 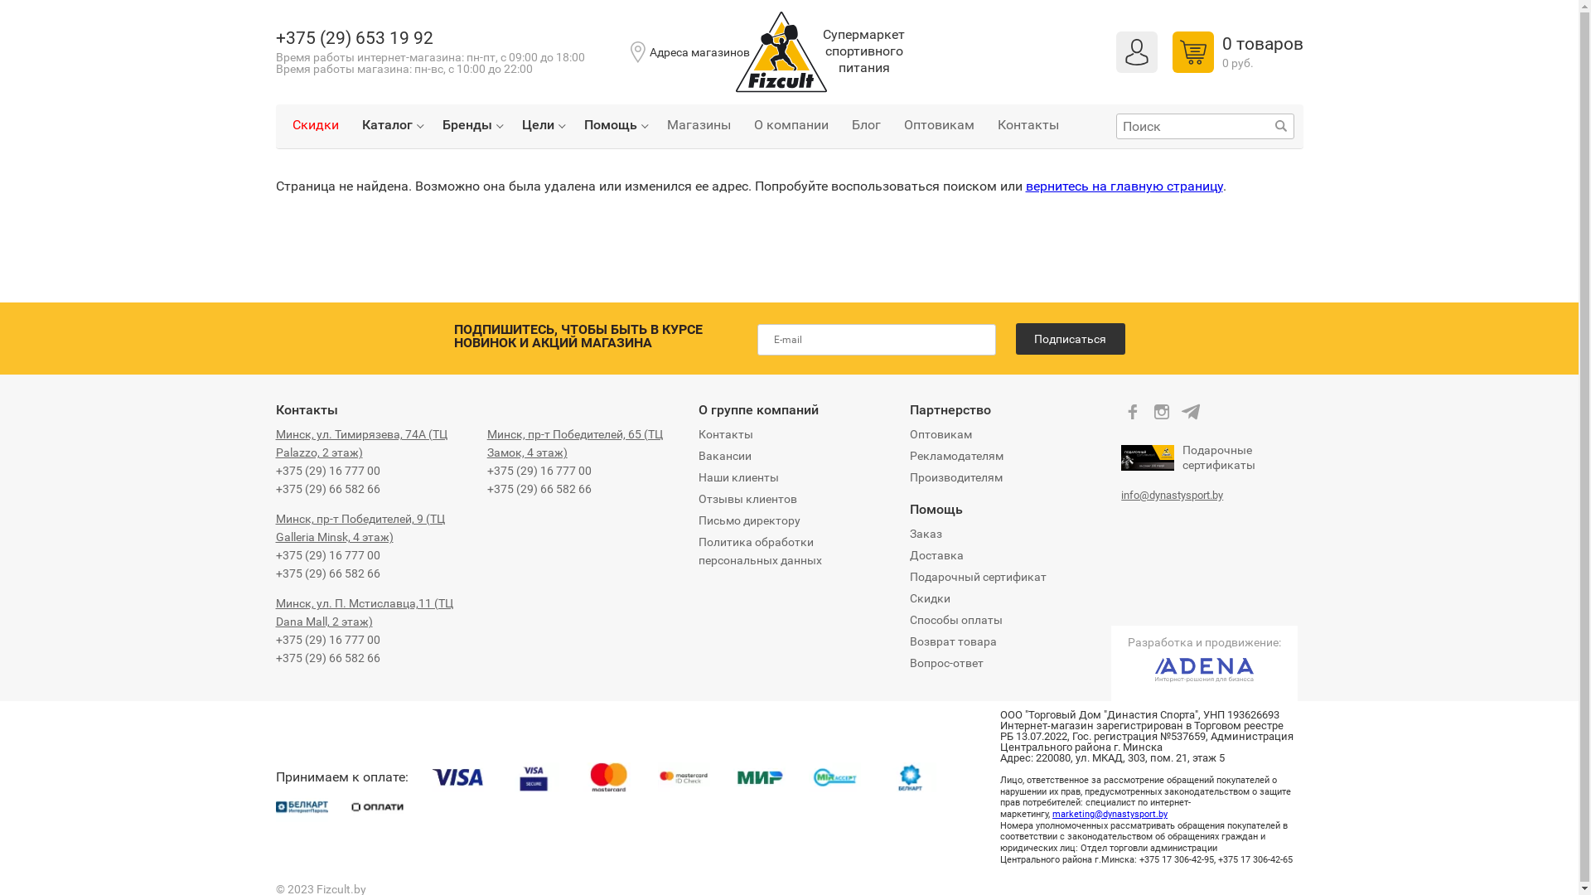 What do you see at coordinates (274, 37) in the screenshot?
I see `'+375 (29) 653 19 92'` at bounding box center [274, 37].